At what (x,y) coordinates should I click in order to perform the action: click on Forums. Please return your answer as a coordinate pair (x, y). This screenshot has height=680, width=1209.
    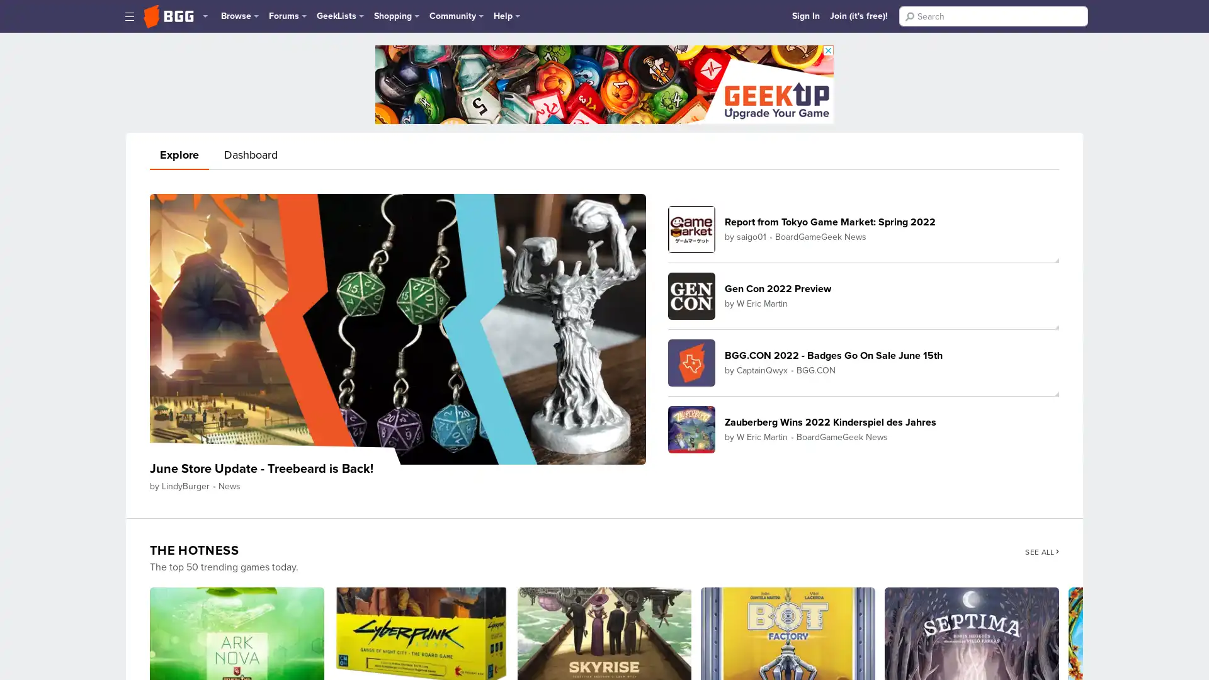
    Looking at the image, I should click on (287, 16).